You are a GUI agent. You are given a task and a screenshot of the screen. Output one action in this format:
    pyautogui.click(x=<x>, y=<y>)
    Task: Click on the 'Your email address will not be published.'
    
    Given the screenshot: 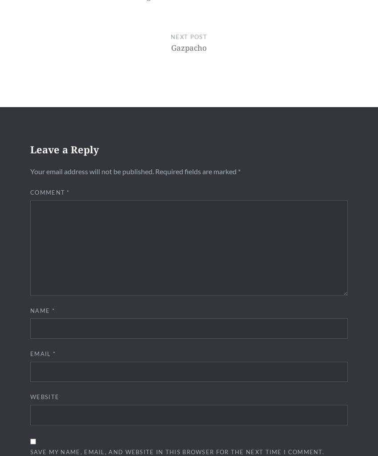 What is the action you would take?
    pyautogui.click(x=91, y=171)
    